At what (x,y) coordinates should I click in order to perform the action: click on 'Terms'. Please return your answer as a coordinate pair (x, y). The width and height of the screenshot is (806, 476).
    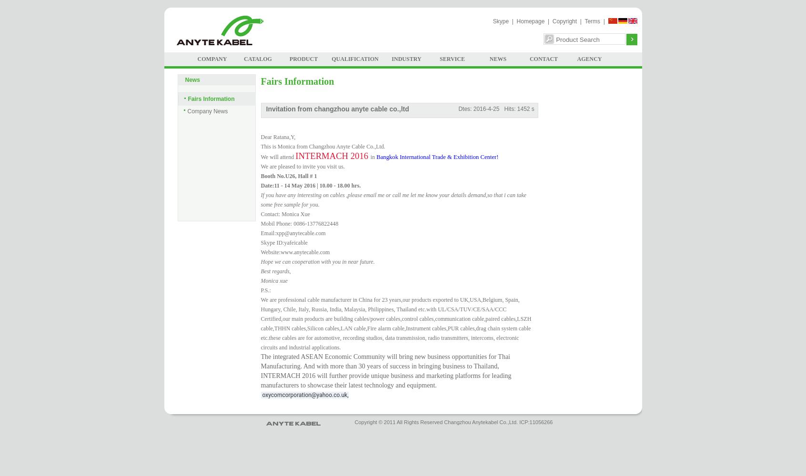
    Looking at the image, I should click on (592, 21).